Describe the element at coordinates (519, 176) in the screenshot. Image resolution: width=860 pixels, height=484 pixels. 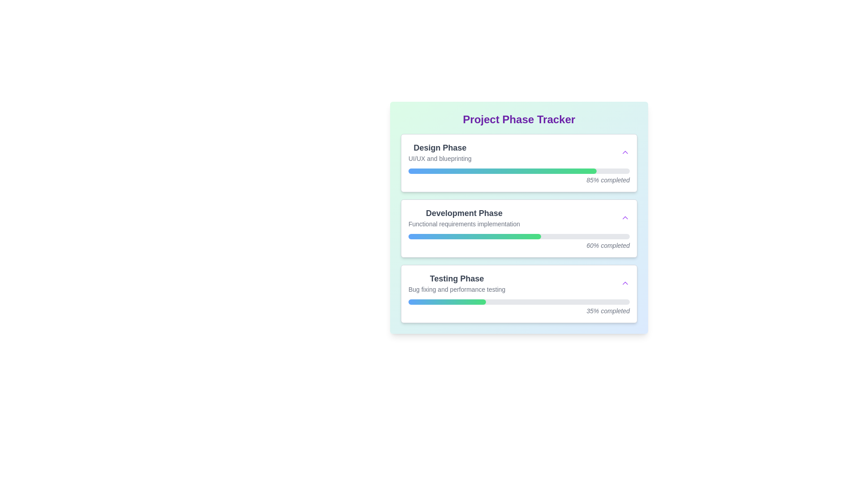
I see `the progress bar labeled '85% completed' in the 'Design Phase' section of the 'Project Phase Tracker'` at that location.